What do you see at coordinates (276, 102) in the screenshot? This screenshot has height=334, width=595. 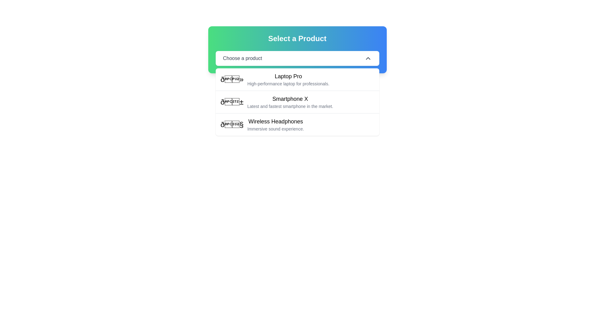 I see `the second entry in the 'Select a Product' dropdown list` at bounding box center [276, 102].